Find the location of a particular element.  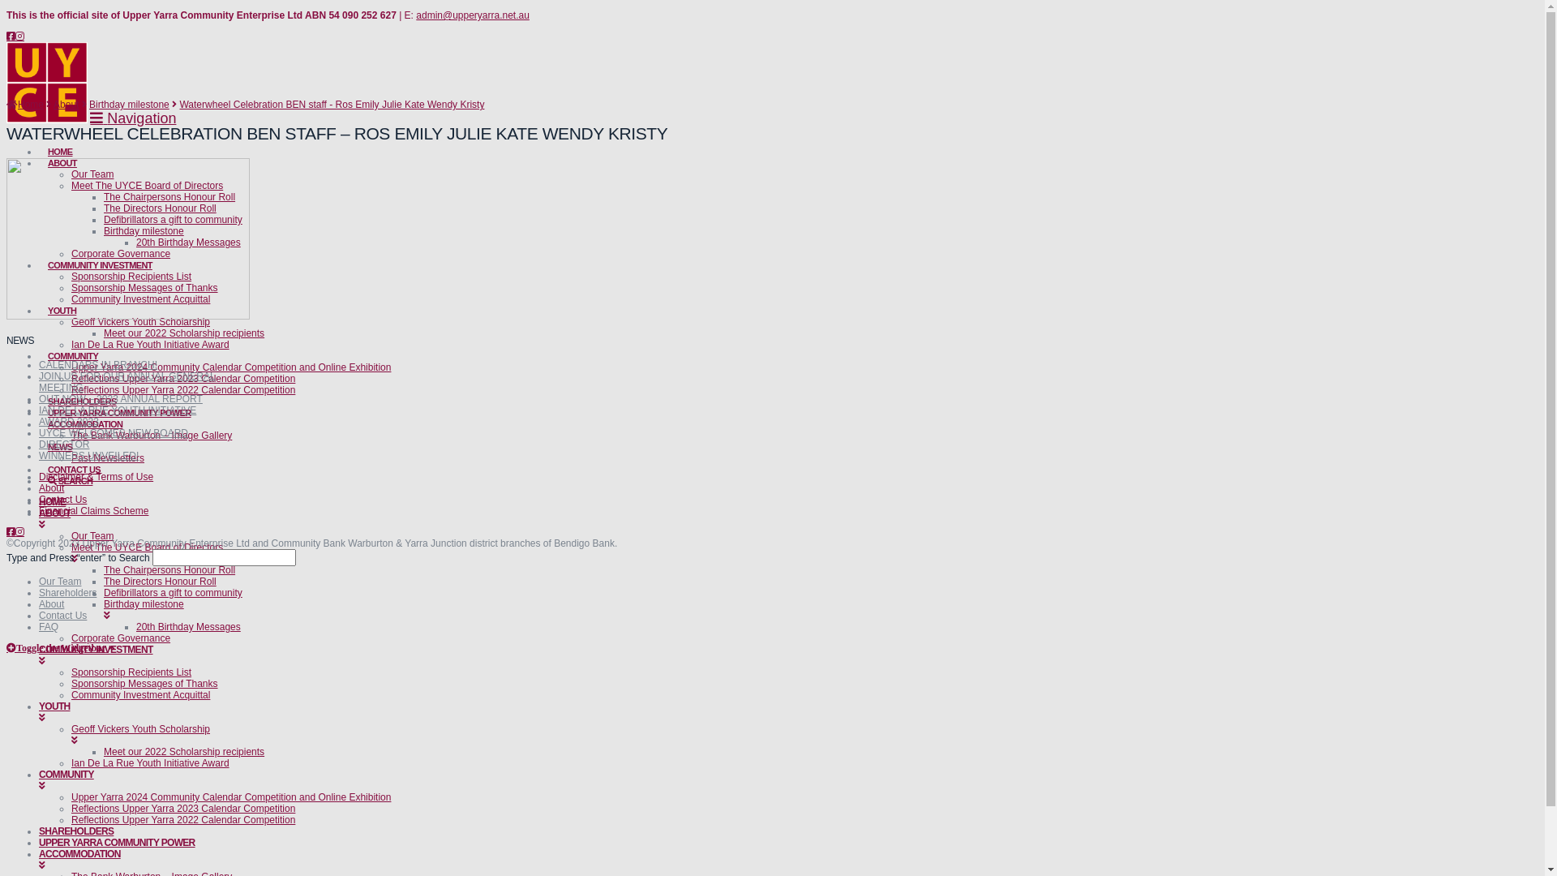

'The Chairpersons Honour Roll' is located at coordinates (169, 569).